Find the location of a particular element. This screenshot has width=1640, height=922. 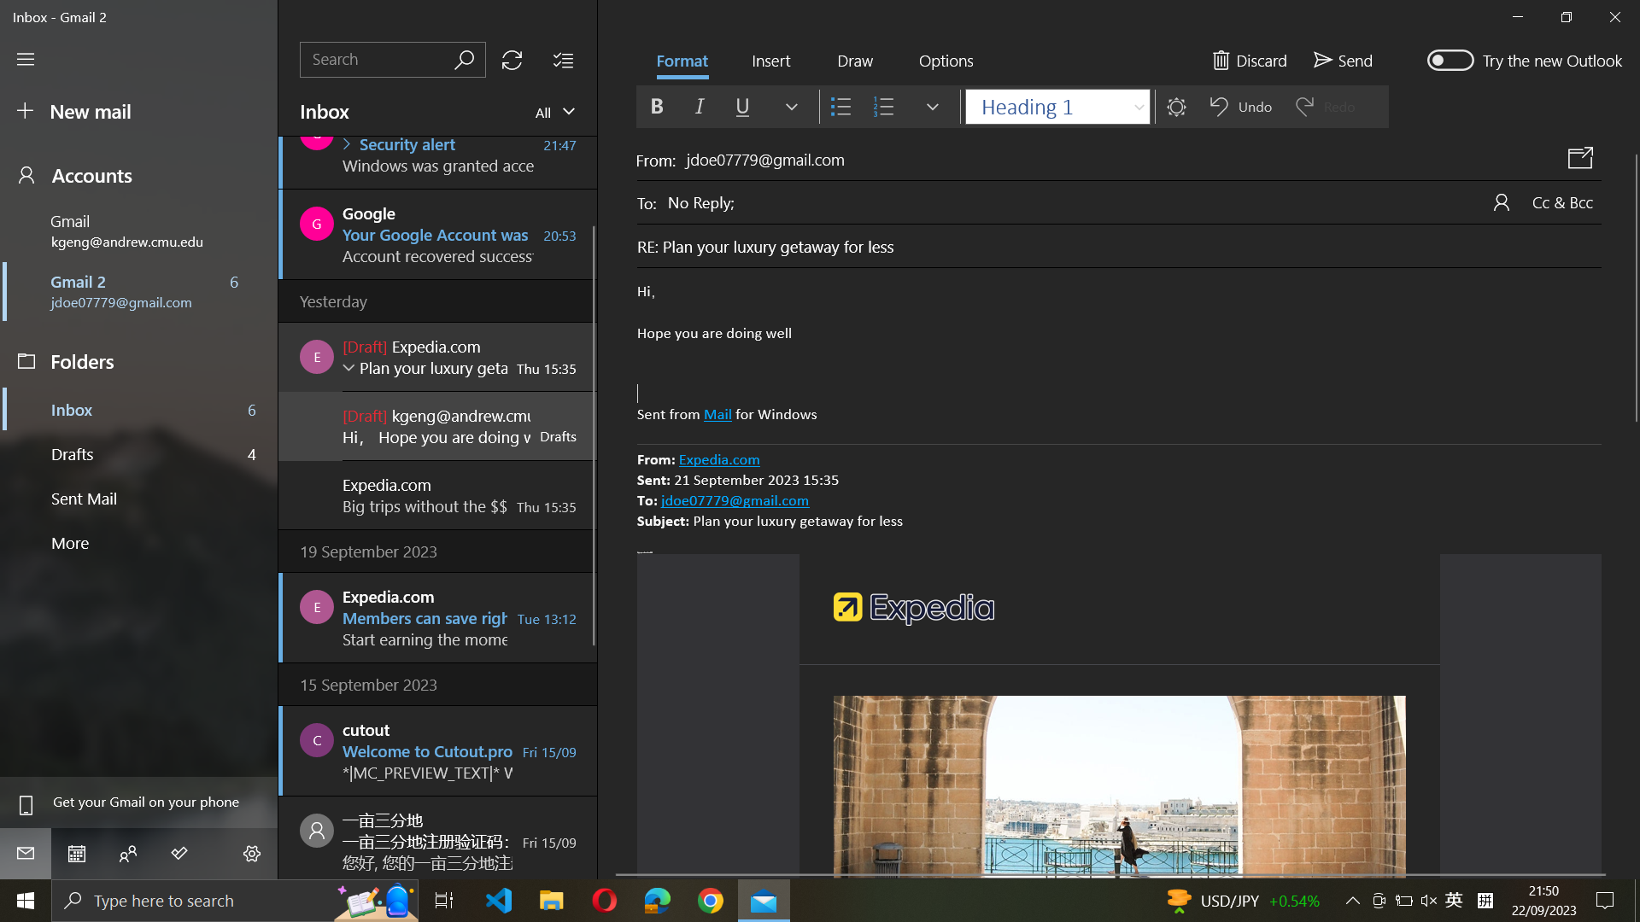

Outgoing Mails is located at coordinates (140, 499).